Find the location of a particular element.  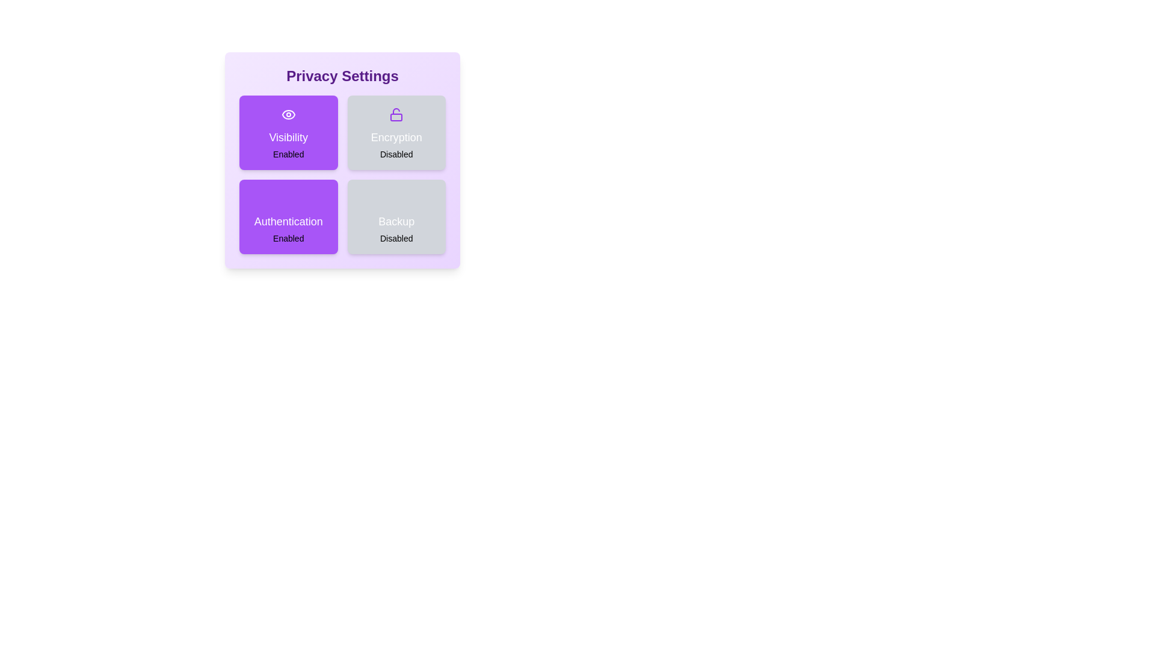

the Visibility card to observe its animation is located at coordinates (288, 132).